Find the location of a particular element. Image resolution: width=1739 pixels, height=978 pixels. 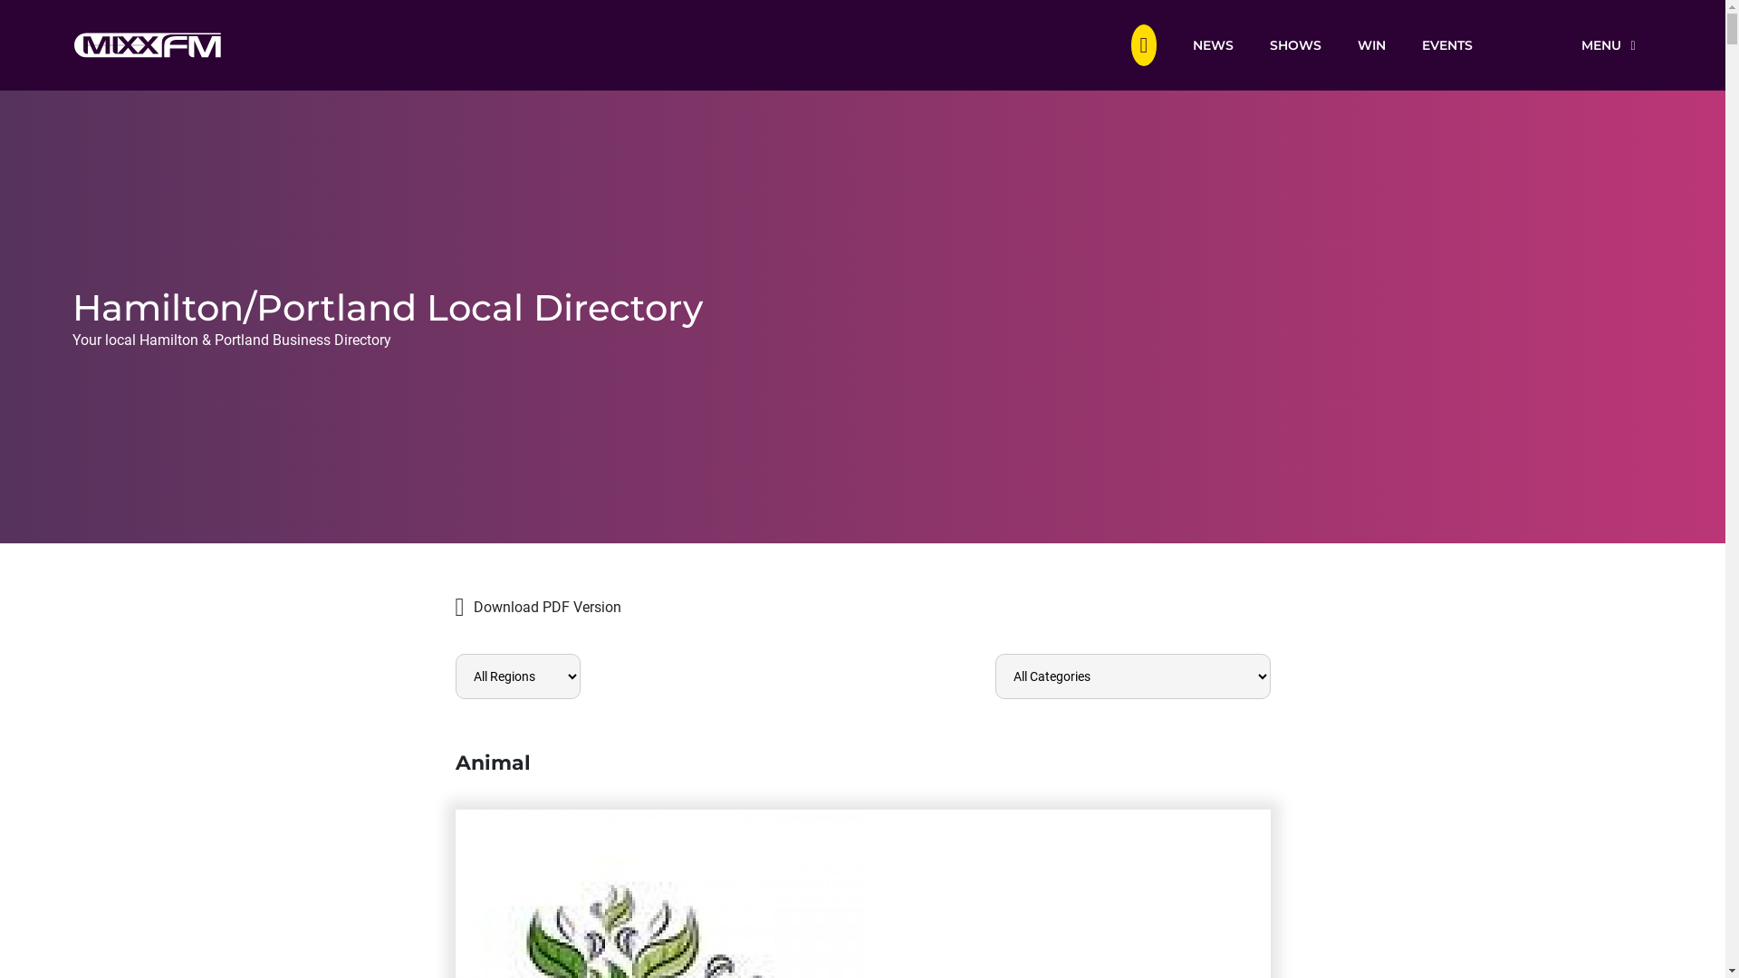

'WIN' is located at coordinates (1371, 43).